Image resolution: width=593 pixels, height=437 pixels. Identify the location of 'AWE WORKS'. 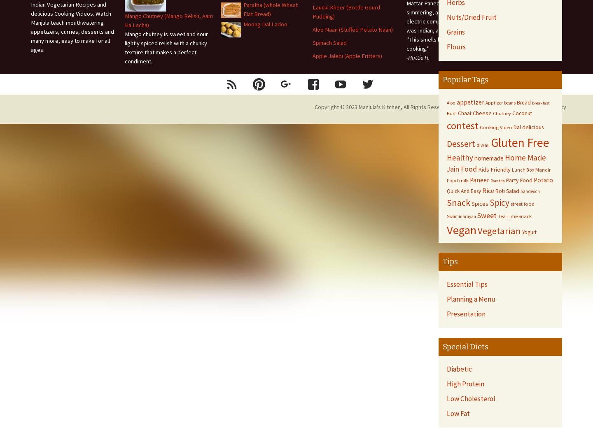
(512, 107).